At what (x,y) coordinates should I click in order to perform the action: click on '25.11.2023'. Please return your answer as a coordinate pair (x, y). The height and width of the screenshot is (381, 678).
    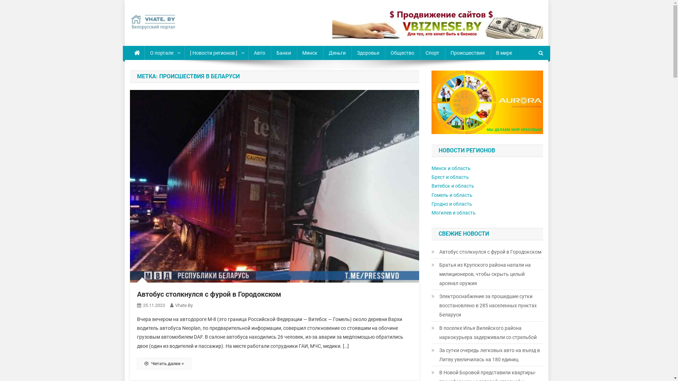
    Looking at the image, I should click on (153, 305).